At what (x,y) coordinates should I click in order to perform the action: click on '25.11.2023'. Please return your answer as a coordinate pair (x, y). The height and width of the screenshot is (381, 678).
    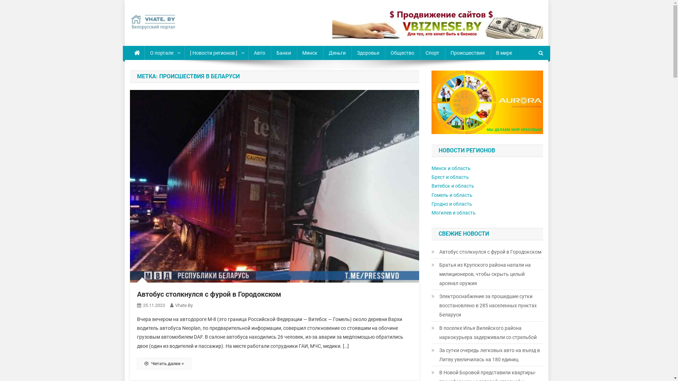
    Looking at the image, I should click on (153, 305).